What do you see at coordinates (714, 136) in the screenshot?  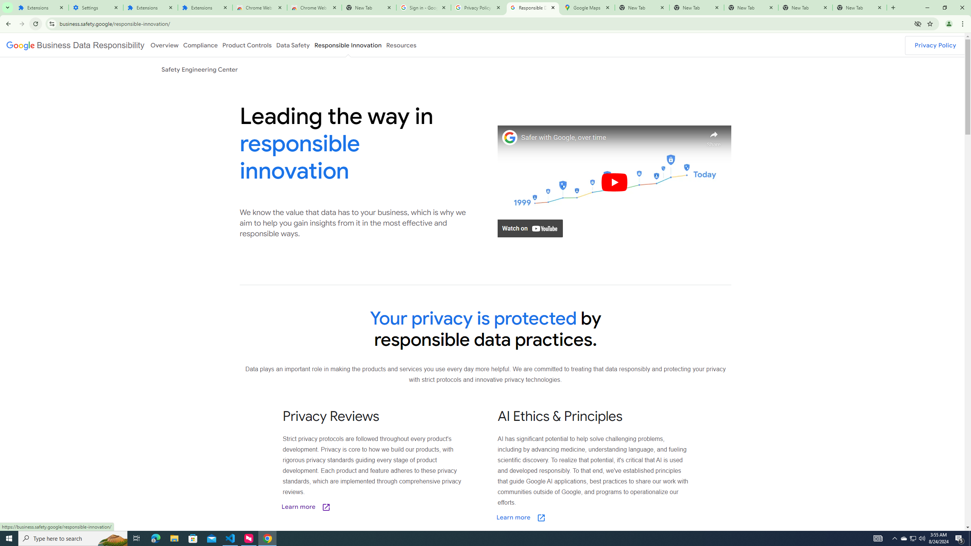 I see `'Share'` at bounding box center [714, 136].